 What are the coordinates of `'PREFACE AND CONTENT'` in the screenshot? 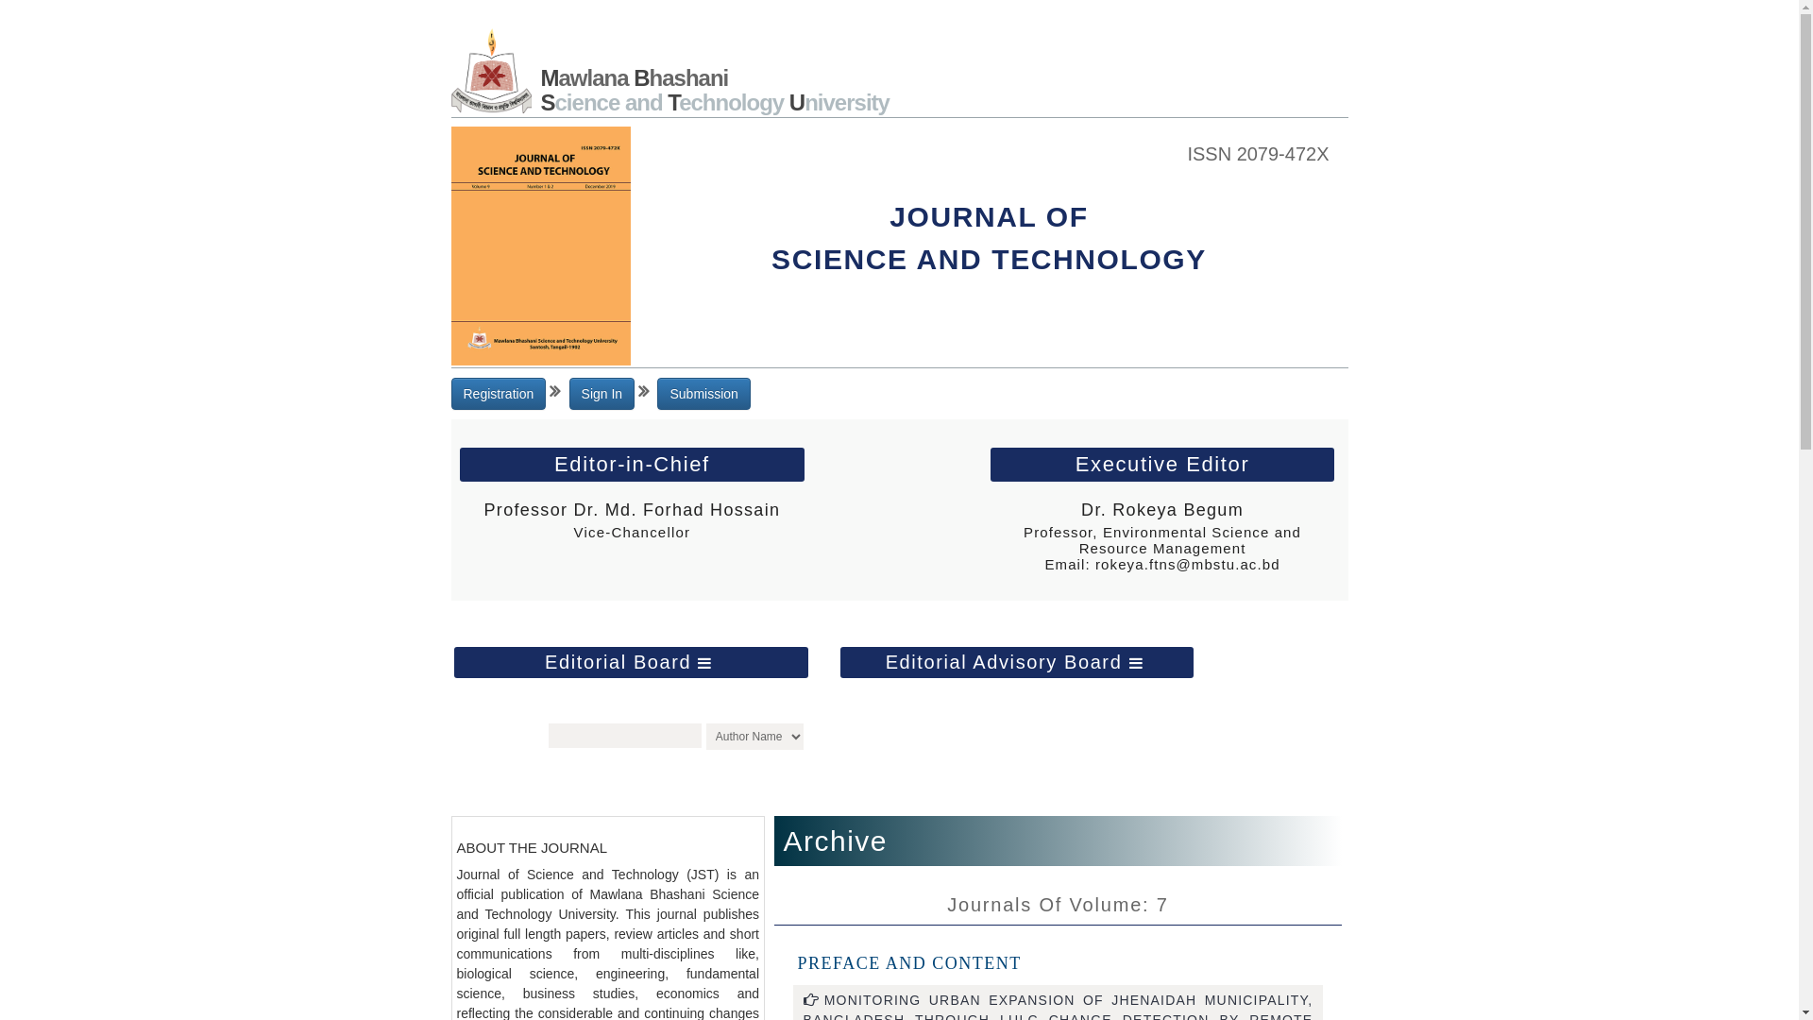 It's located at (908, 962).